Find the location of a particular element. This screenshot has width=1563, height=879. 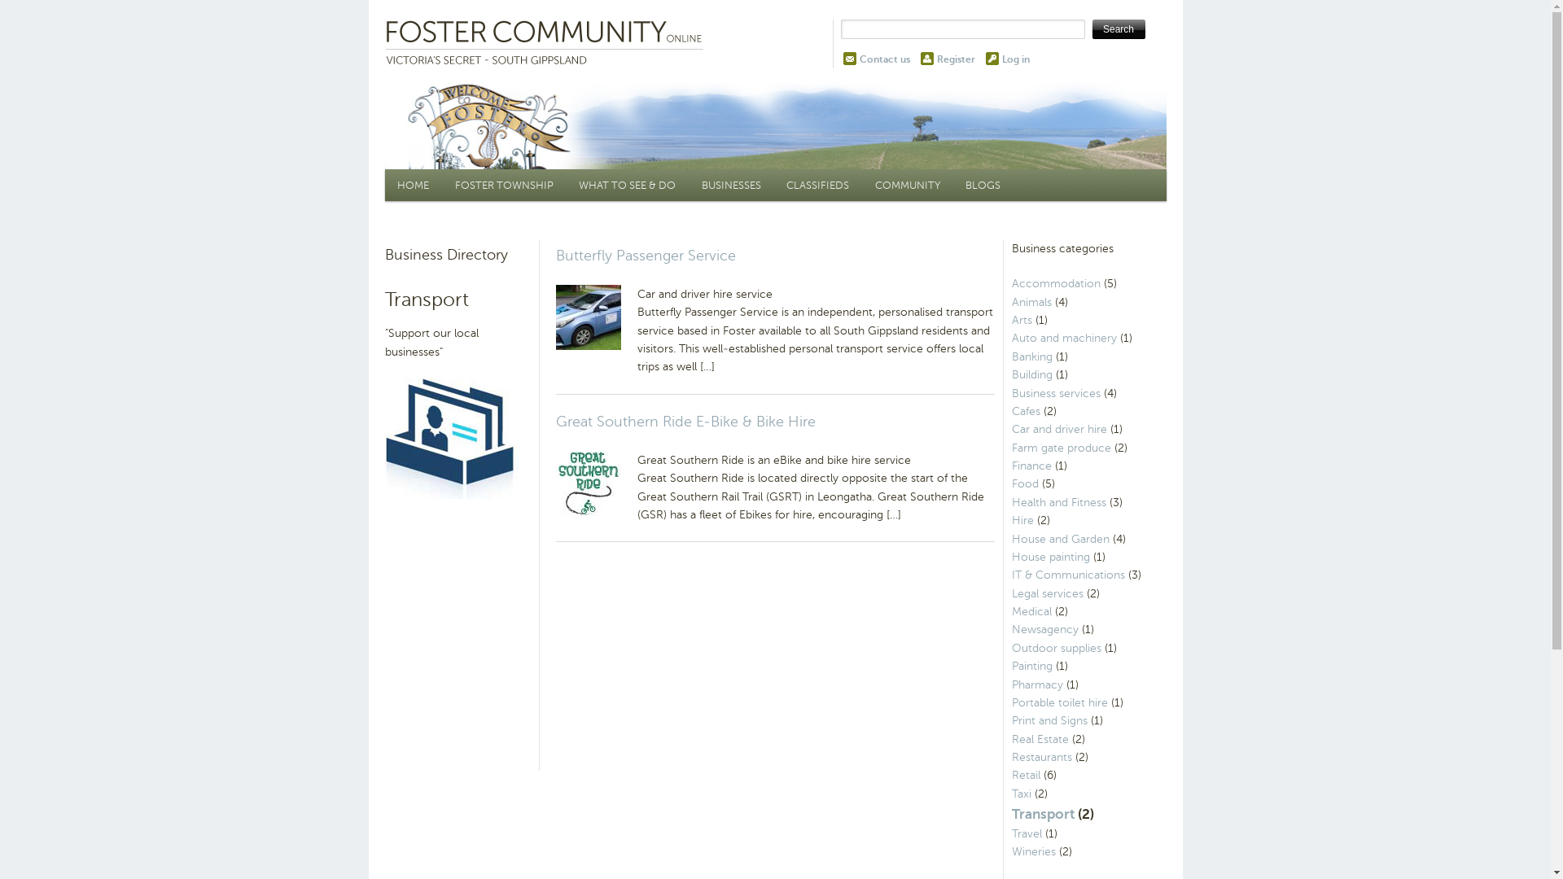

'Register' is located at coordinates (955, 59).